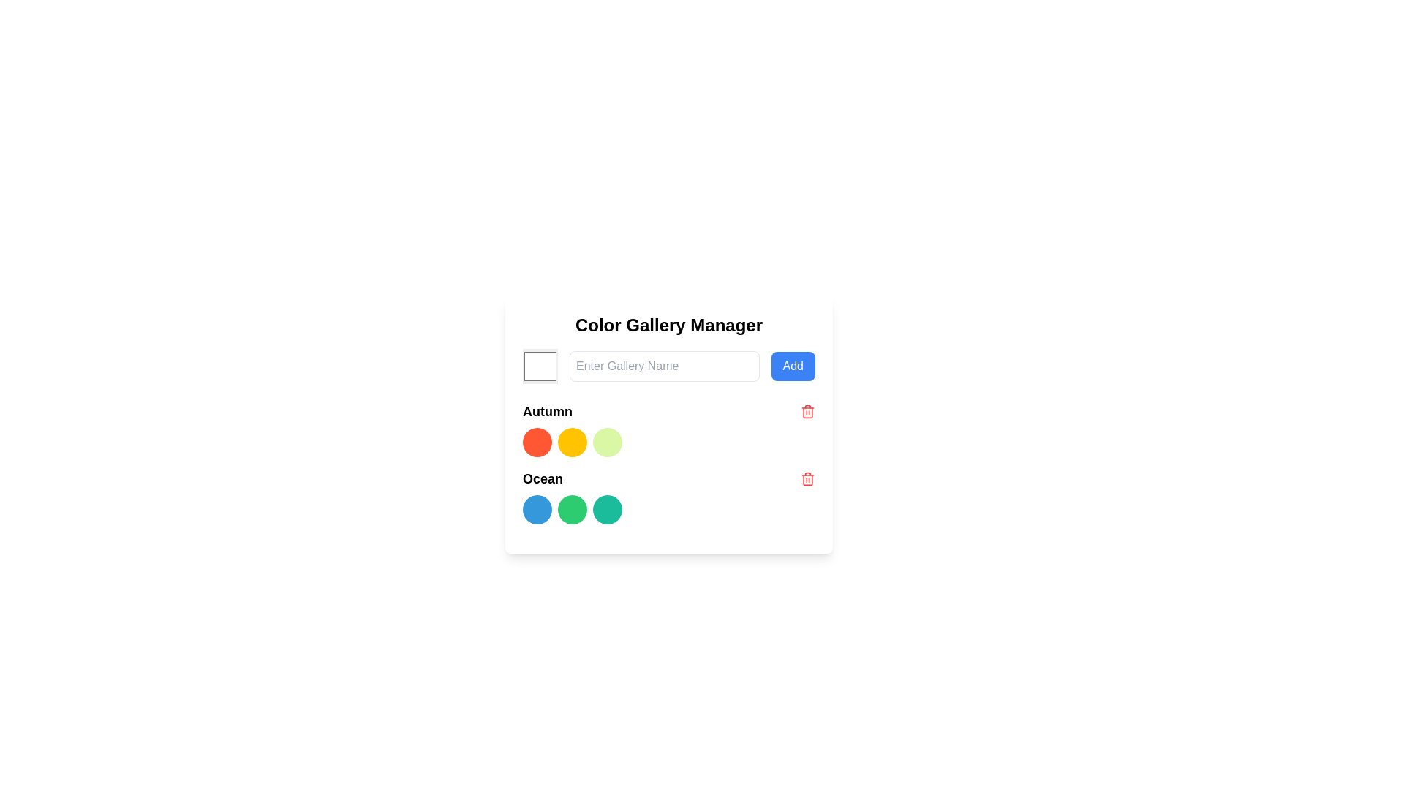 This screenshot has height=790, width=1404. What do you see at coordinates (607, 442) in the screenshot?
I see `the third circle selector in the row, located to the right of the orange and yellow circles, which visually represents an attribute related to 'Autumn'` at bounding box center [607, 442].